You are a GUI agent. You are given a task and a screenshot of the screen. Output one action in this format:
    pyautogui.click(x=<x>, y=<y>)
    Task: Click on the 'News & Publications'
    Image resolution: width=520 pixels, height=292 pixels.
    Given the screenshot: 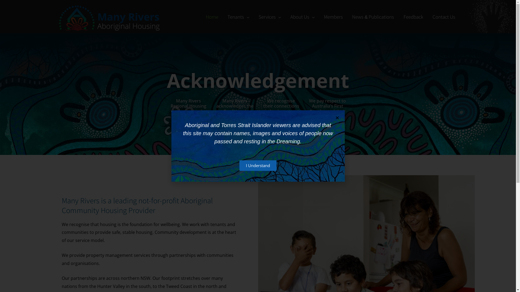 What is the action you would take?
    pyautogui.click(x=373, y=16)
    